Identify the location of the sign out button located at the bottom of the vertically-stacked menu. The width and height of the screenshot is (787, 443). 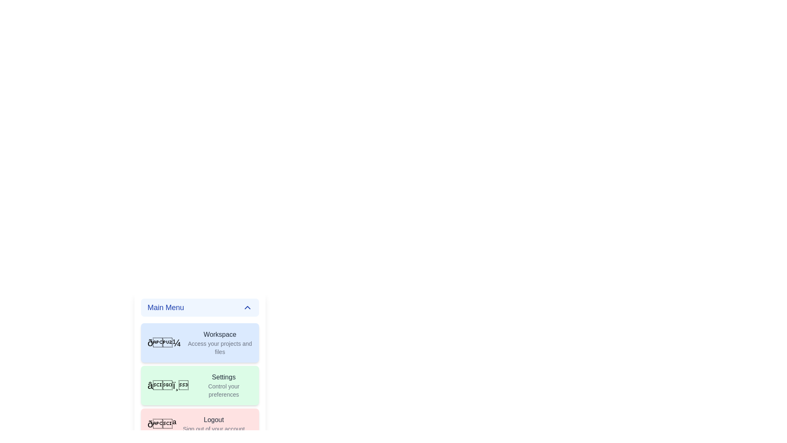
(214, 424).